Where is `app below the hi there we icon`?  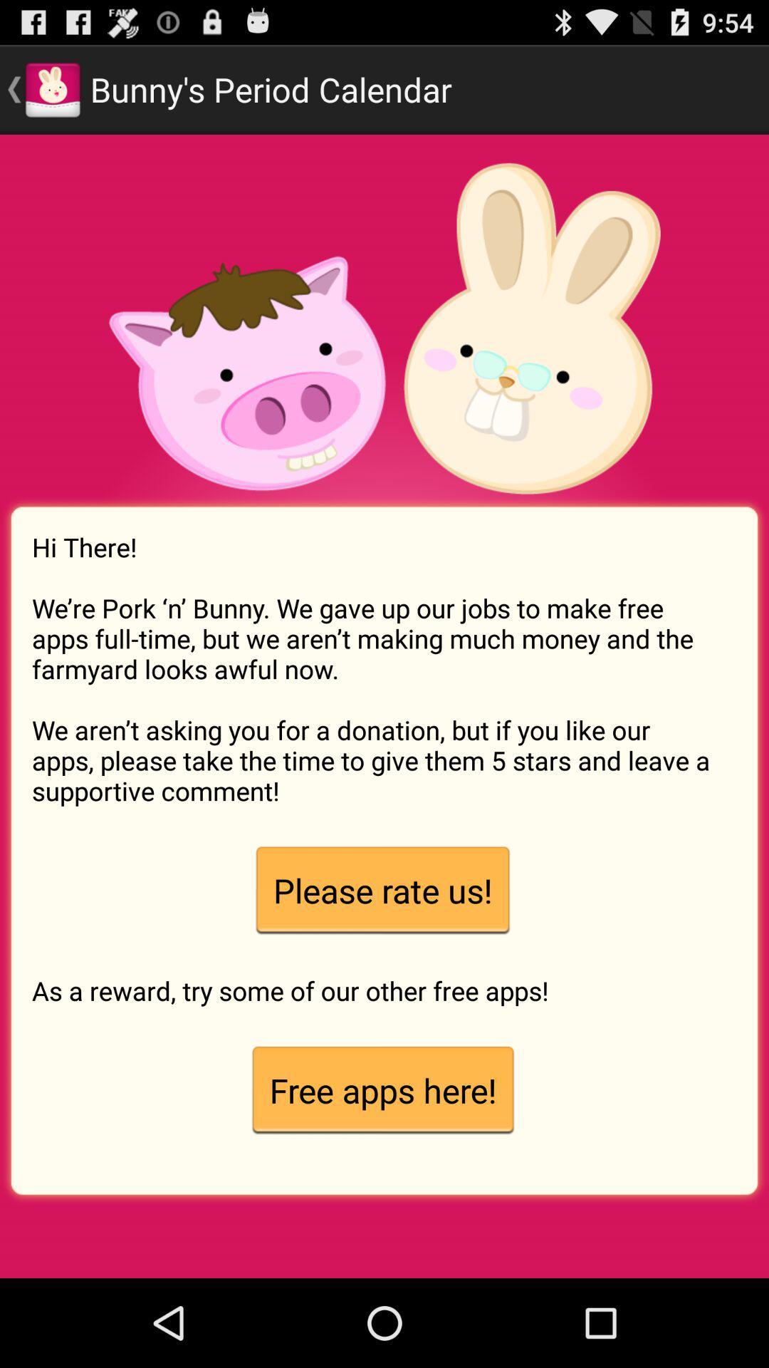 app below the hi there we icon is located at coordinates (382, 890).